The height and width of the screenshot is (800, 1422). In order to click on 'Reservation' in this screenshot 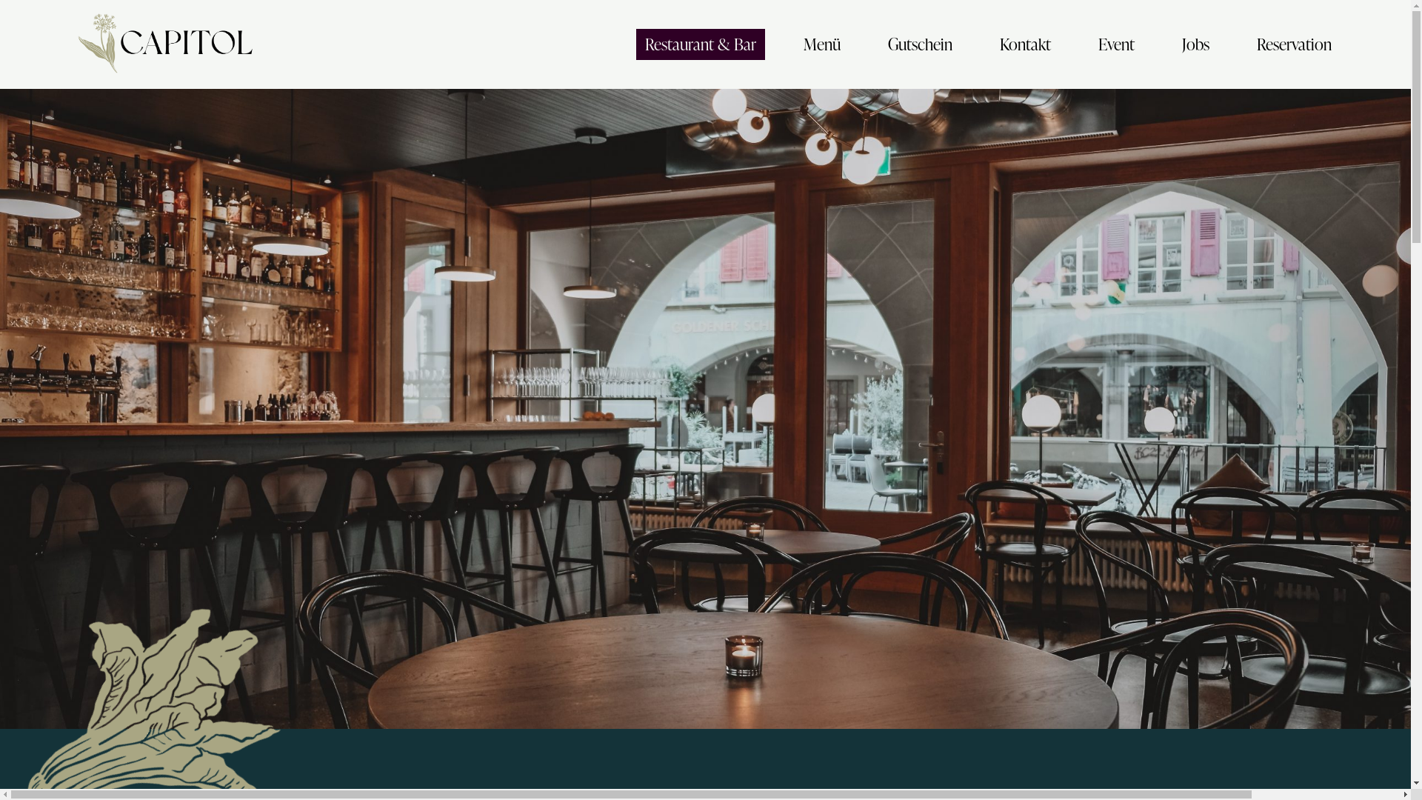, I will do `click(1293, 44)`.